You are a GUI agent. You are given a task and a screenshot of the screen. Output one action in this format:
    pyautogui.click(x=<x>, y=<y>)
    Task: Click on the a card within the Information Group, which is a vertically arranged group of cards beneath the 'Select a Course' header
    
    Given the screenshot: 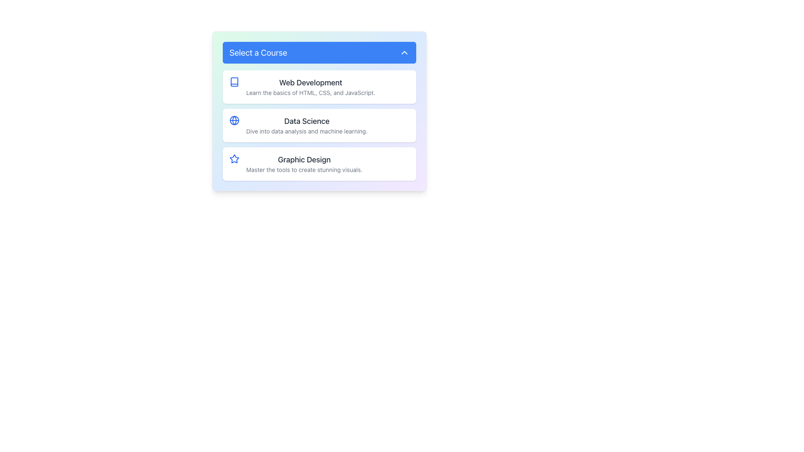 What is the action you would take?
    pyautogui.click(x=319, y=126)
    